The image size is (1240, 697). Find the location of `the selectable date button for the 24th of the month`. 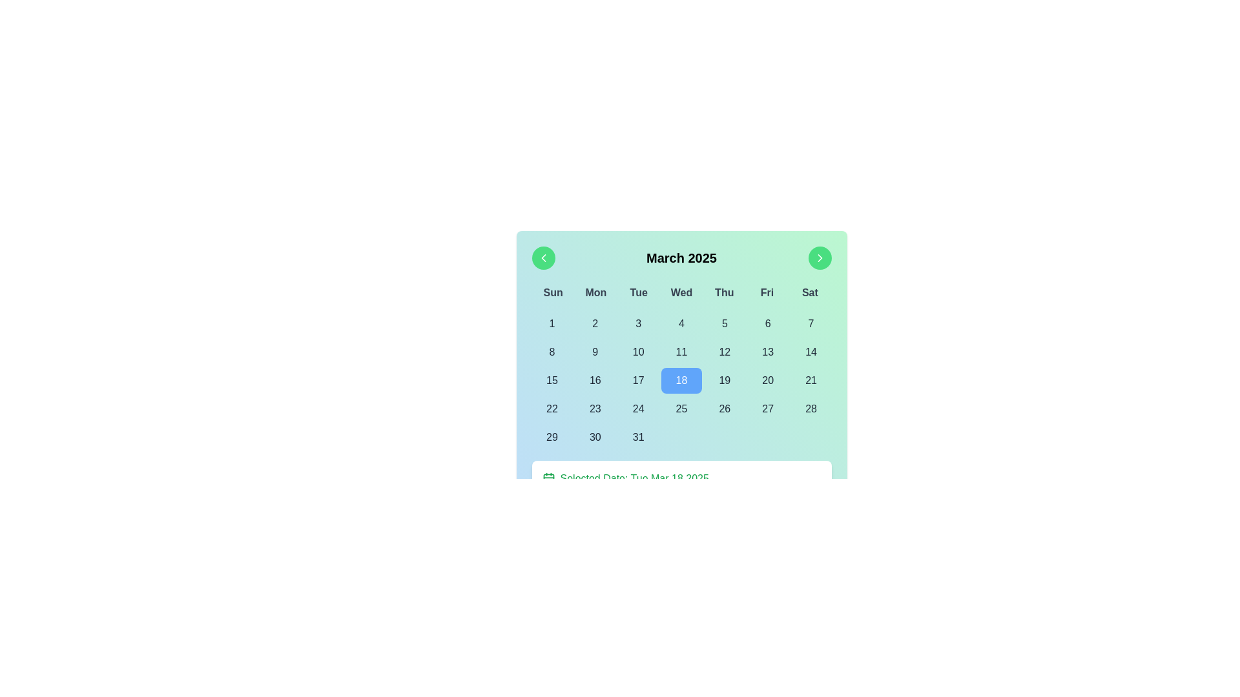

the selectable date button for the 24th of the month is located at coordinates (638, 409).